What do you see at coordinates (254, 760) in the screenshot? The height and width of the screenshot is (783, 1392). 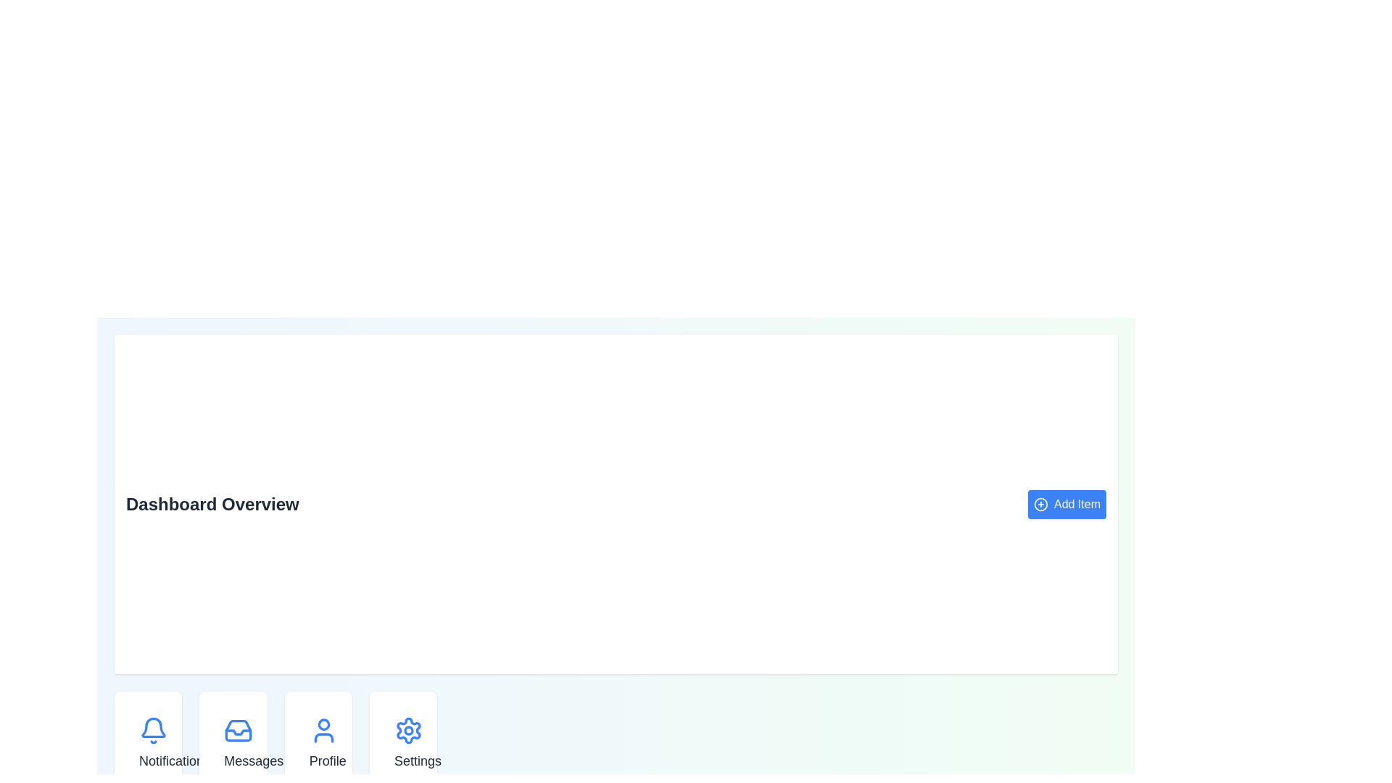 I see `the 'Messages' text label in the navigation bar, which is styled in dark gray with a medium font-weight and is prominent within its layout` at bounding box center [254, 760].